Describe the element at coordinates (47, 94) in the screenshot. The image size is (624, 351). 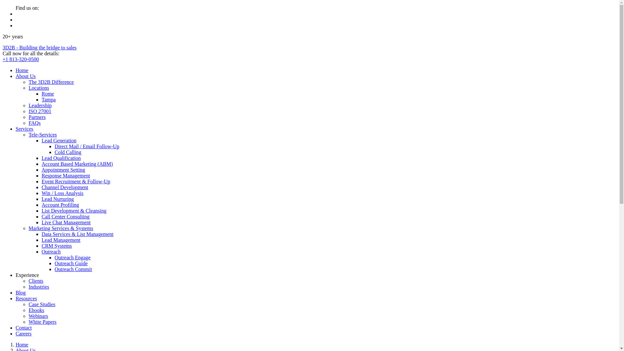
I see `'Rome'` at that location.